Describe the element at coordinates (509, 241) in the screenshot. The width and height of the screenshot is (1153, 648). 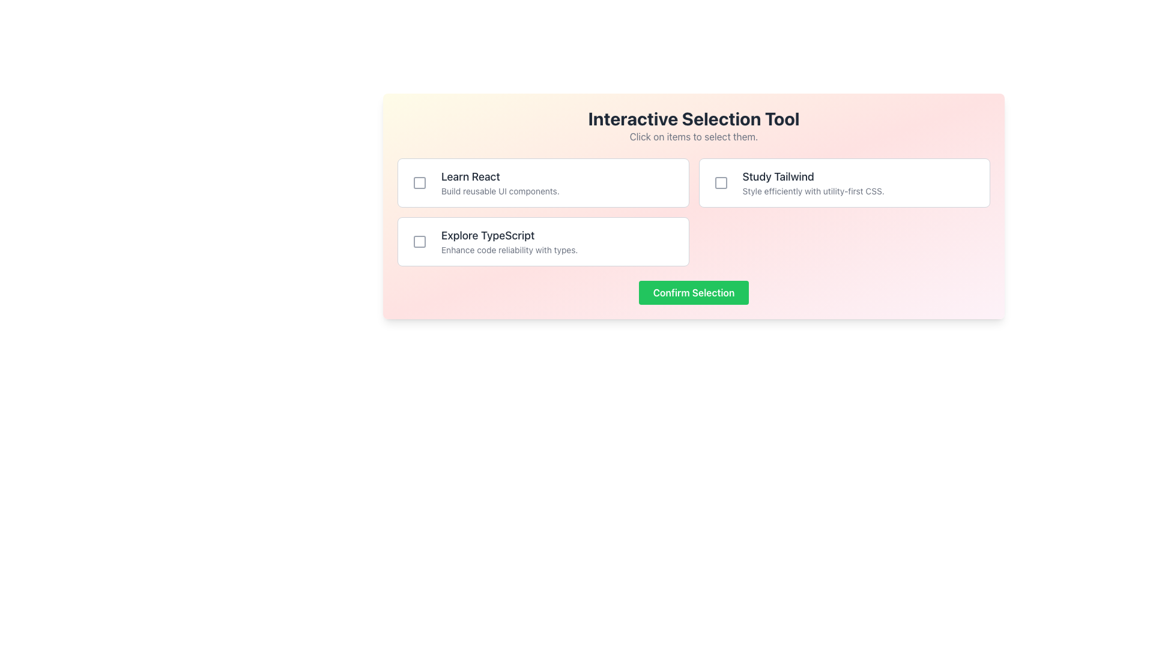
I see `the static text content that reads 'Explore TypeScript' and 'Enhance code reliability with types.' located in the second card from the top, positioned to the right of a checkbox icon` at that location.